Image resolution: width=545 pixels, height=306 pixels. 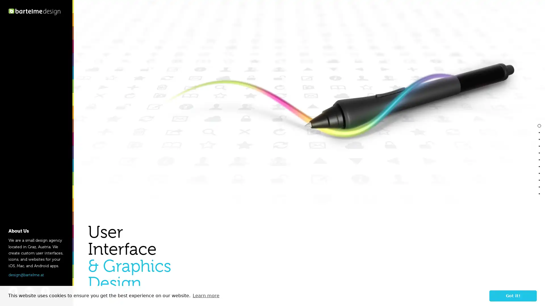 What do you see at coordinates (206, 296) in the screenshot?
I see `learn more about cookies` at bounding box center [206, 296].